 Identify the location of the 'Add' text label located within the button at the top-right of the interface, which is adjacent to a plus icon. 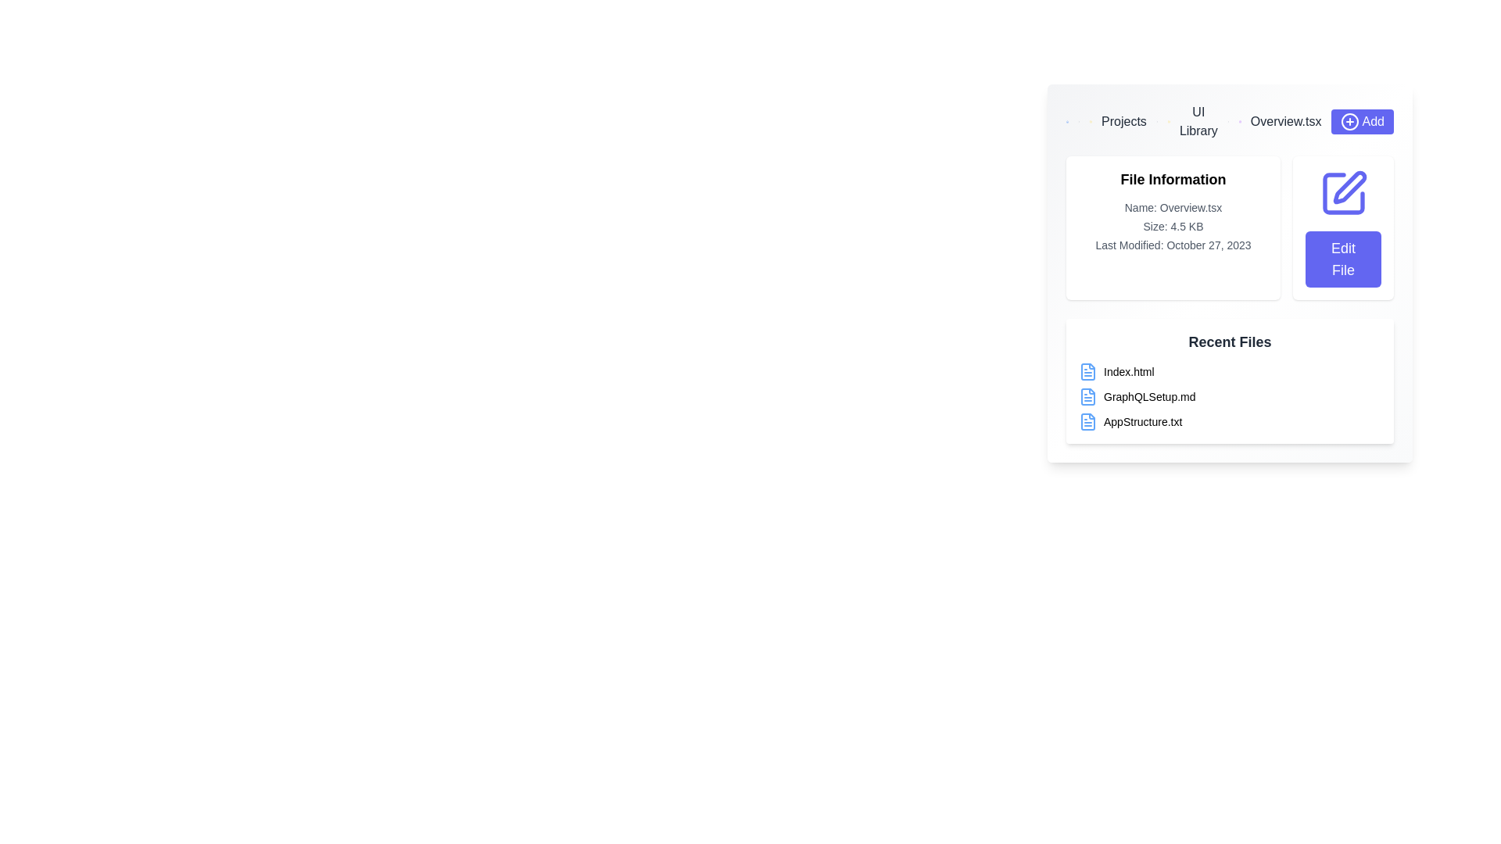
(1372, 120).